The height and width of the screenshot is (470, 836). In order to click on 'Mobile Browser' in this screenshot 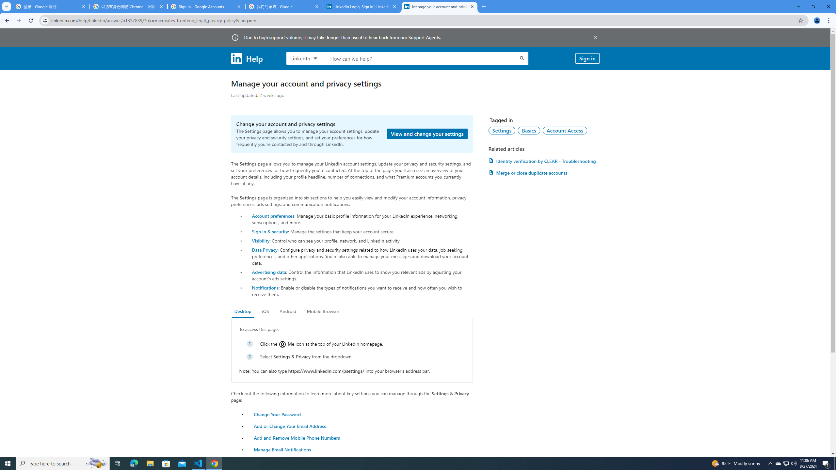, I will do `click(323, 311)`.